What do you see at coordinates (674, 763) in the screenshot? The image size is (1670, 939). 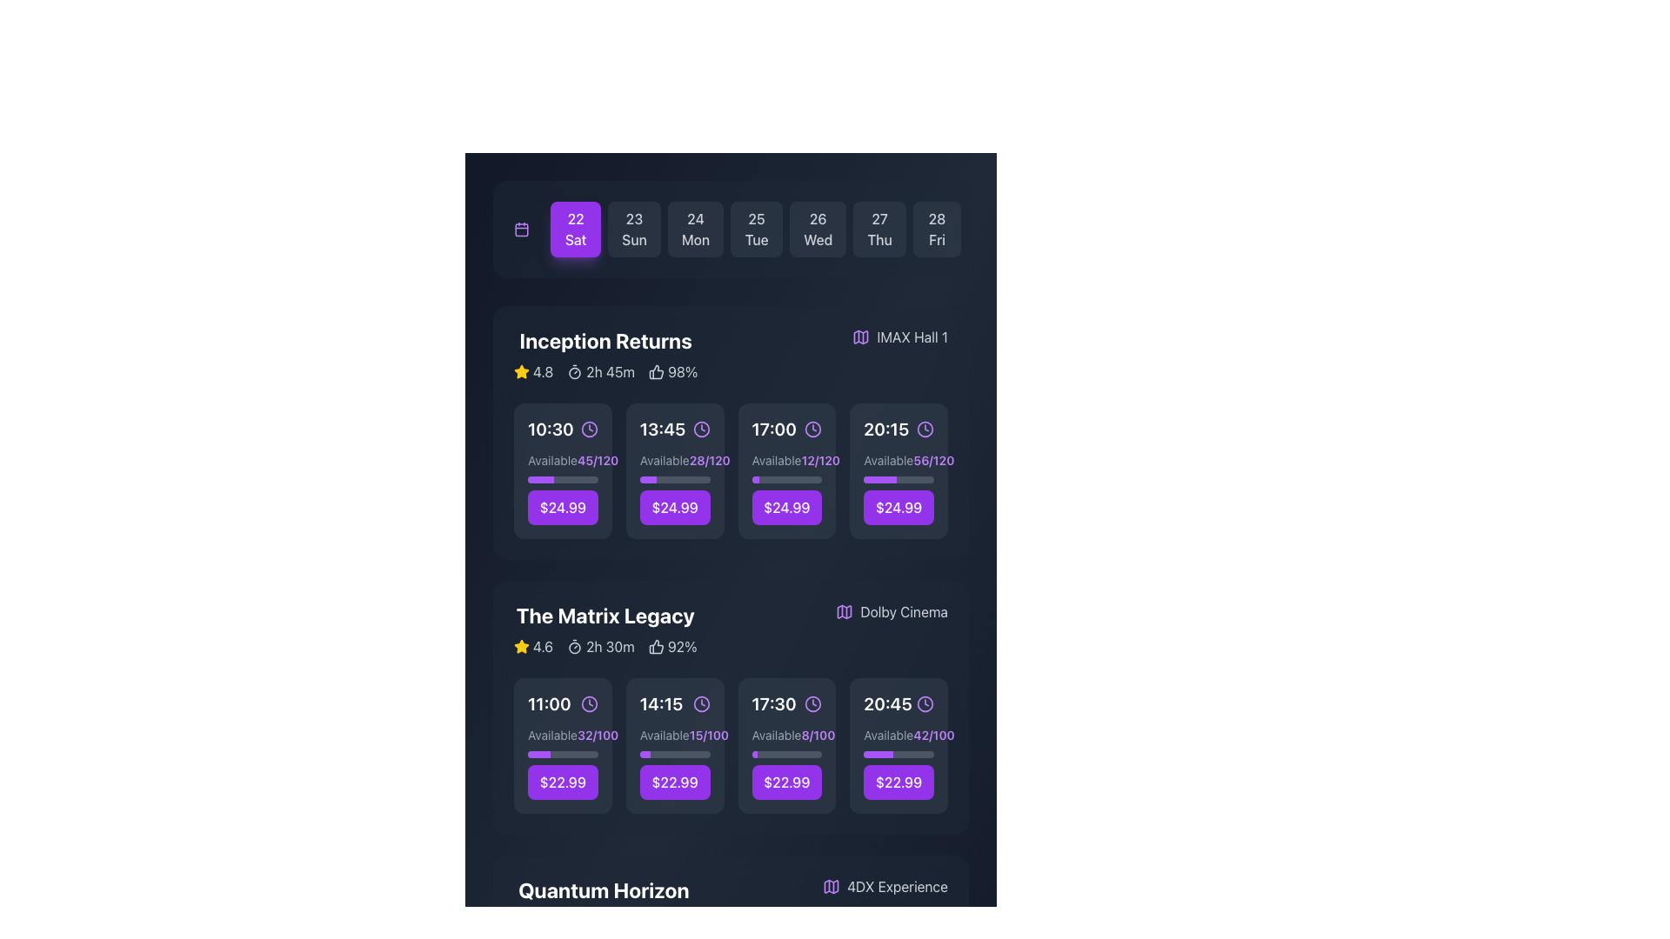 I see `the price area in the second row of movie session options for 'The Matrix Legacy' to initiate ticket selection` at bounding box center [674, 763].